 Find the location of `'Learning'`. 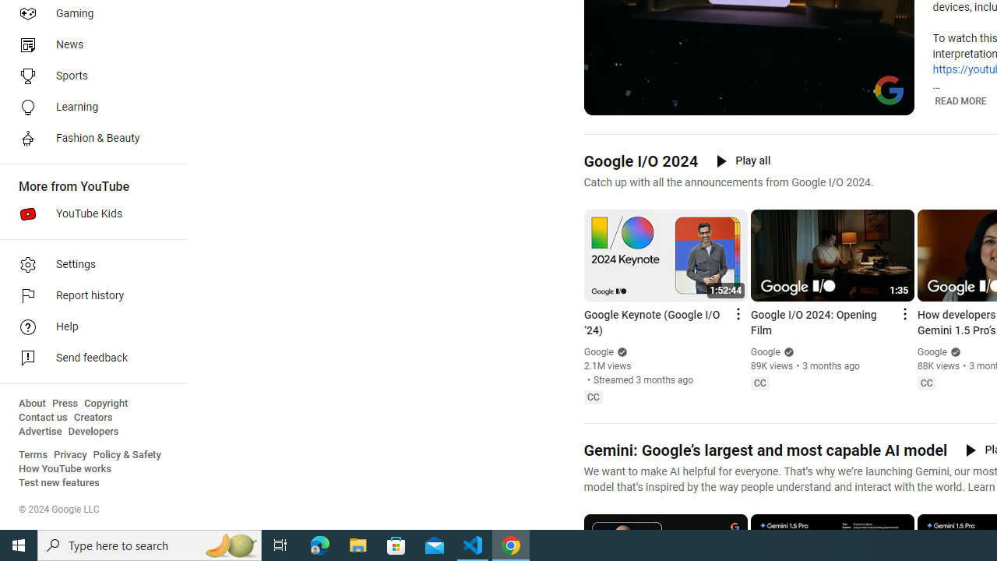

'Learning' is located at coordinates (87, 106).